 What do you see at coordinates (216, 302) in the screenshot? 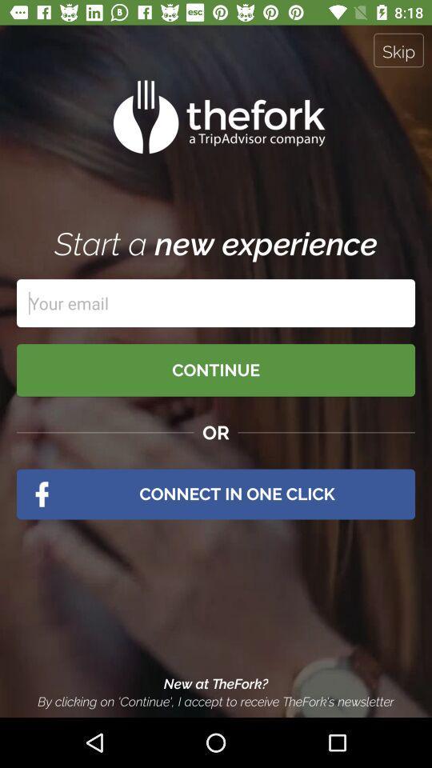
I see `email id` at bounding box center [216, 302].